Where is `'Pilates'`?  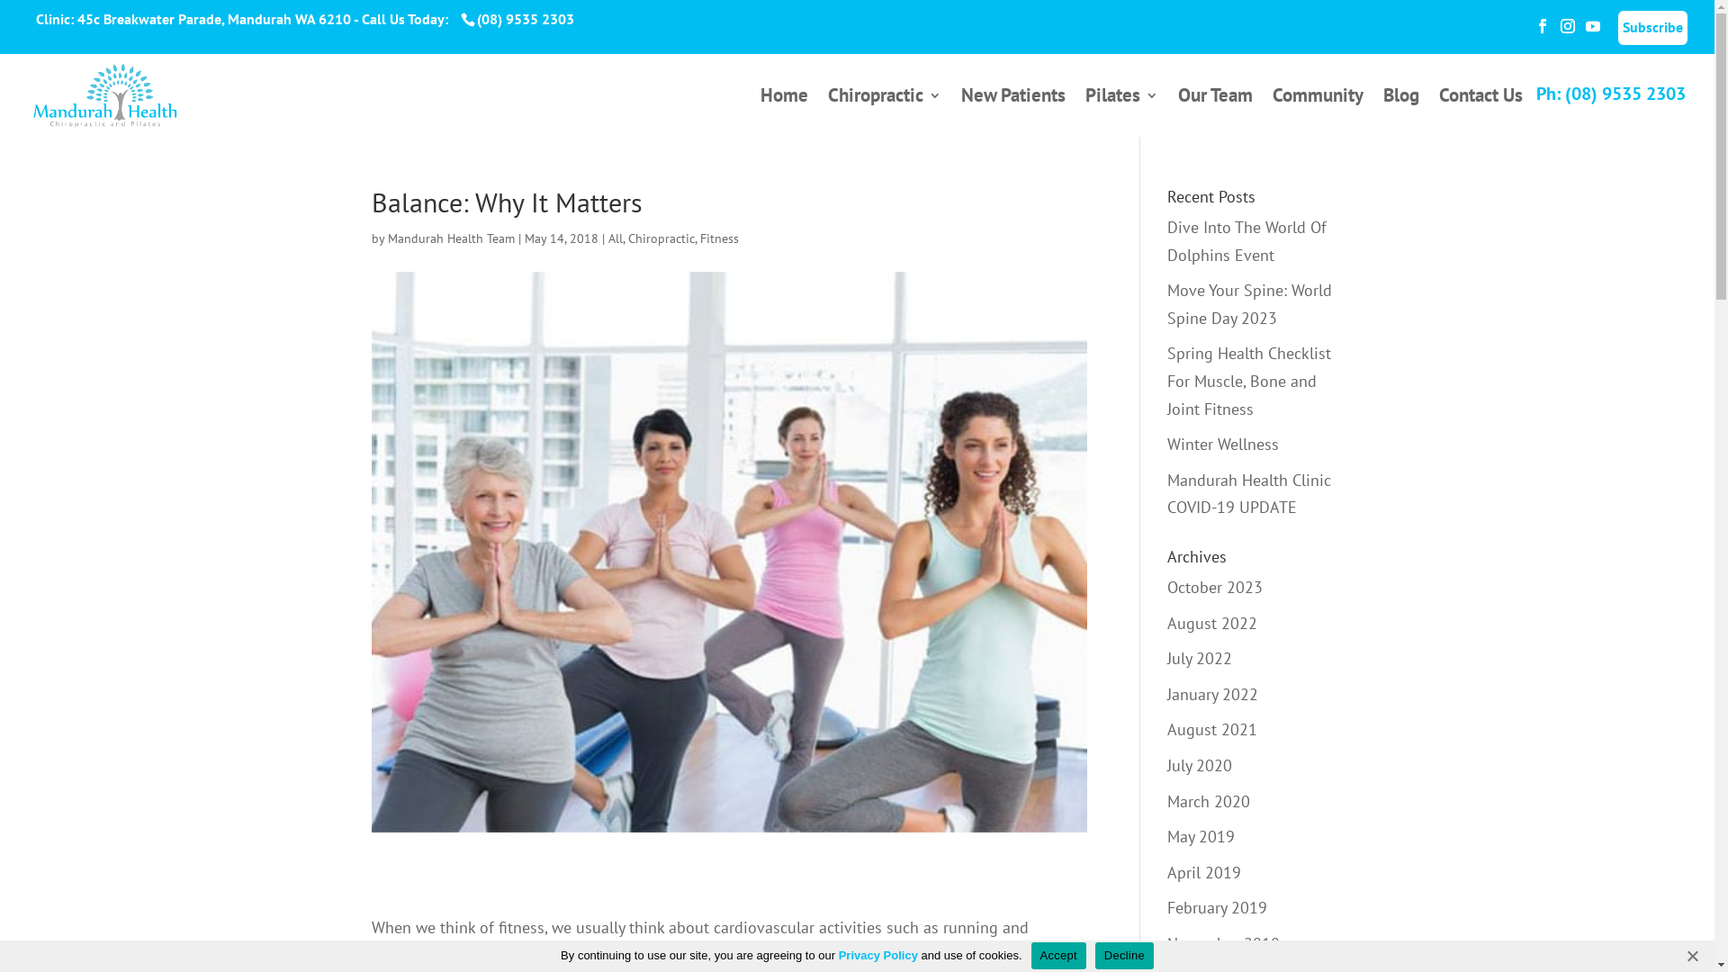
'Pilates' is located at coordinates (1120, 112).